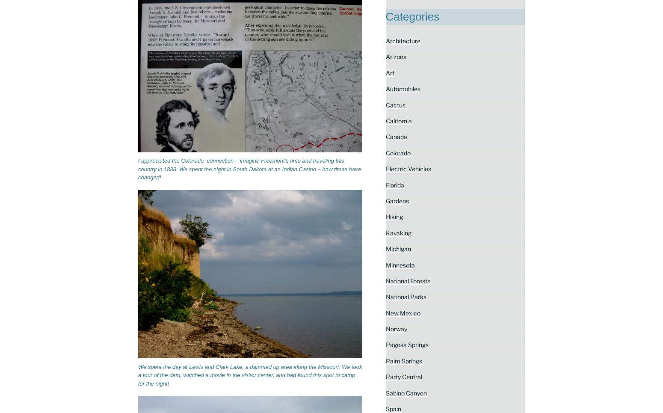  Describe the element at coordinates (250, 375) in the screenshot. I see `'We spent the day at Lewis and Clark Lake, a dammed up area along the Missouri. We took a tour of the dam, watched a movie in the visitor center, and had found this spot to camp for the night!'` at that location.